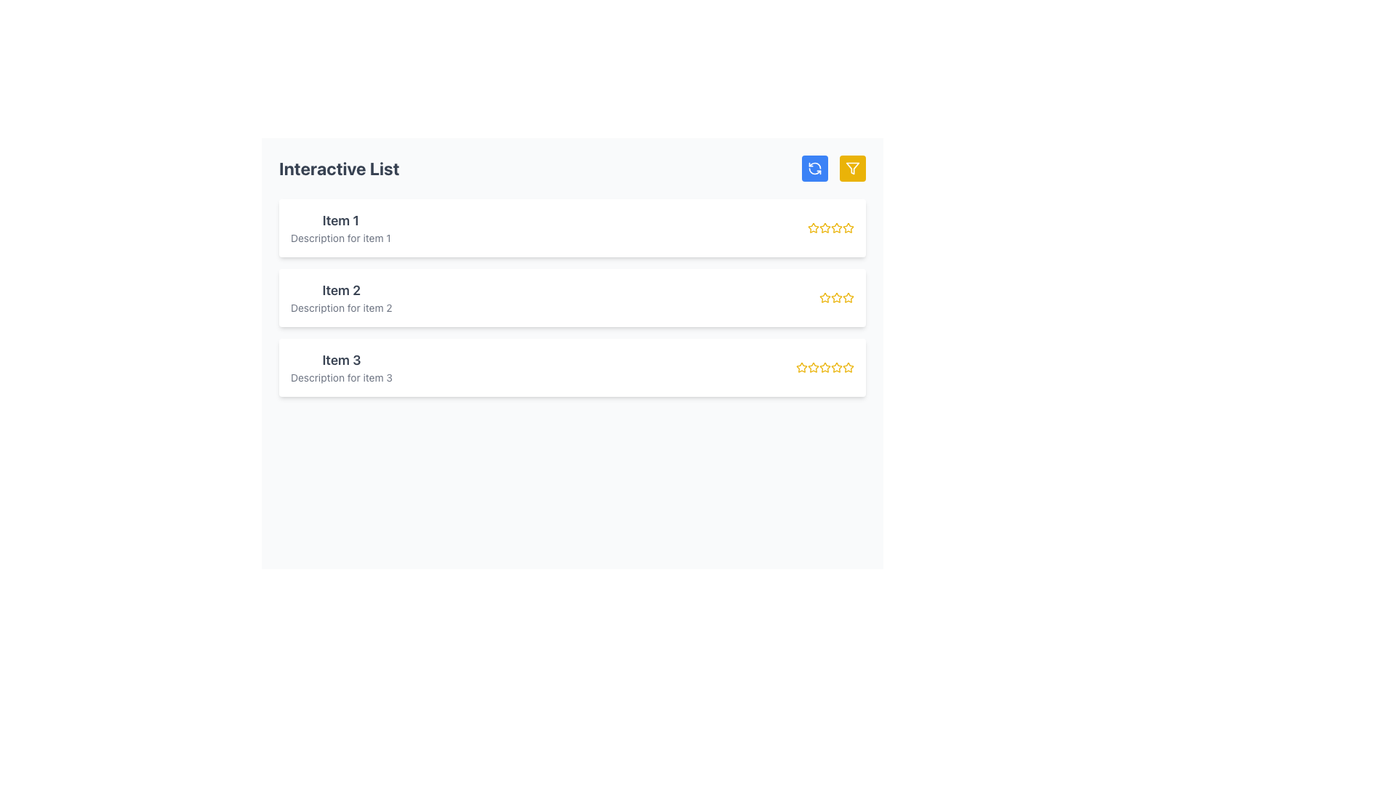  Describe the element at coordinates (824, 296) in the screenshot. I see `the second yellow star in the rating system` at that location.